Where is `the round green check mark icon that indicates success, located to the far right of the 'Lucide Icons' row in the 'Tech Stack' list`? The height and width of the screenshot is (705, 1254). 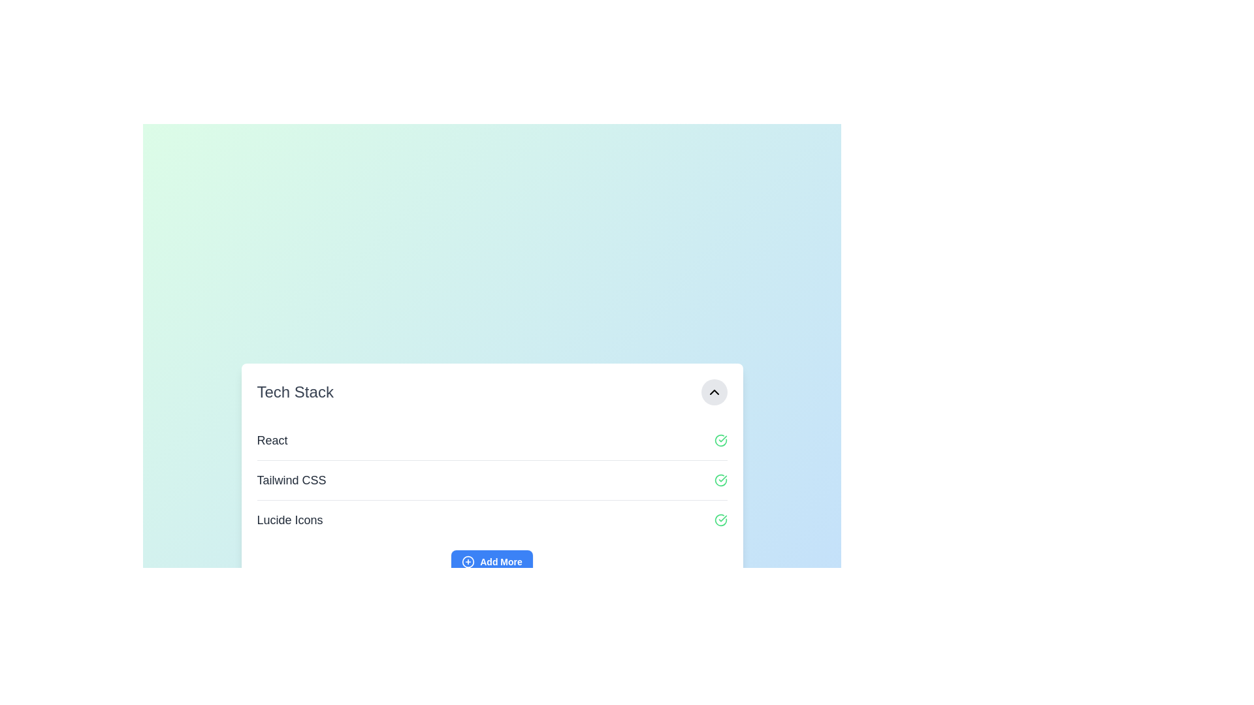 the round green check mark icon that indicates success, located to the far right of the 'Lucide Icons' row in the 'Tech Stack' list is located at coordinates (720, 520).